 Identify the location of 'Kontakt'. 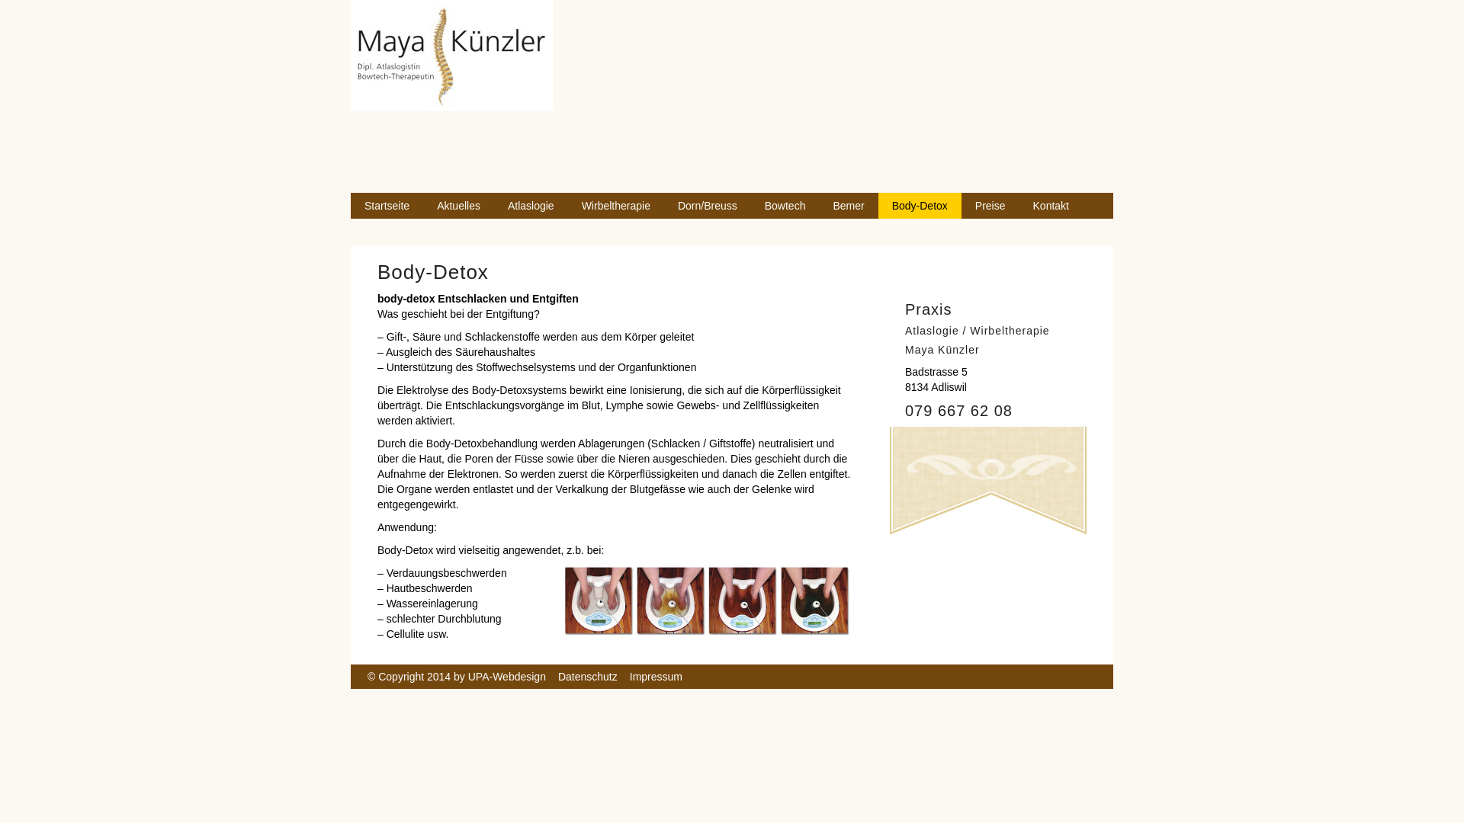
(1050, 206).